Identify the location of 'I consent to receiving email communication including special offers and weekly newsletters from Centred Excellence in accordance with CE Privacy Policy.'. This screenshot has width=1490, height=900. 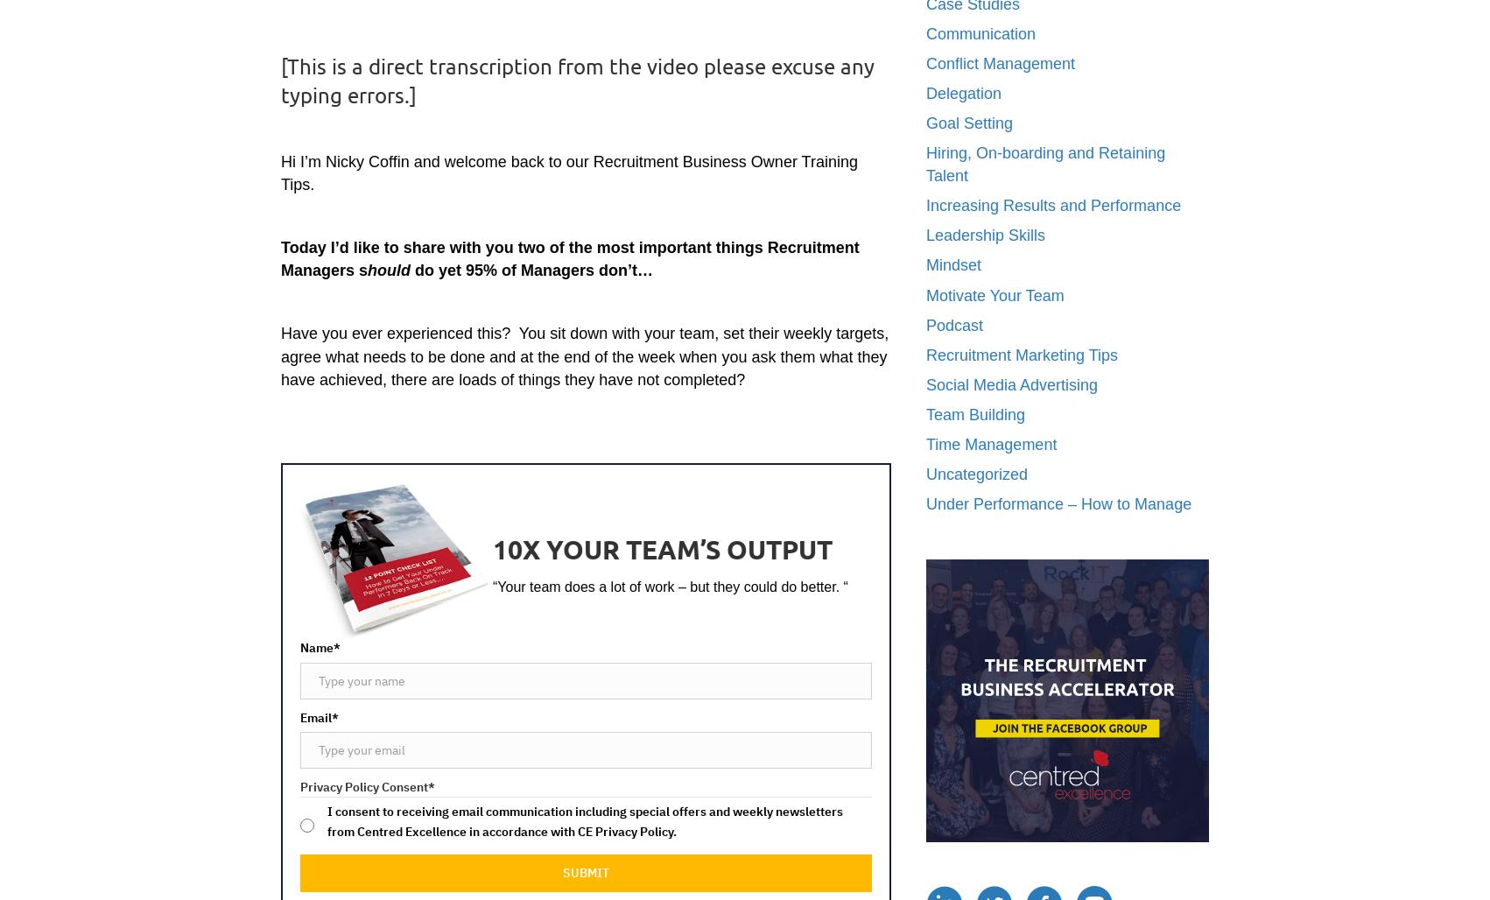
(584, 821).